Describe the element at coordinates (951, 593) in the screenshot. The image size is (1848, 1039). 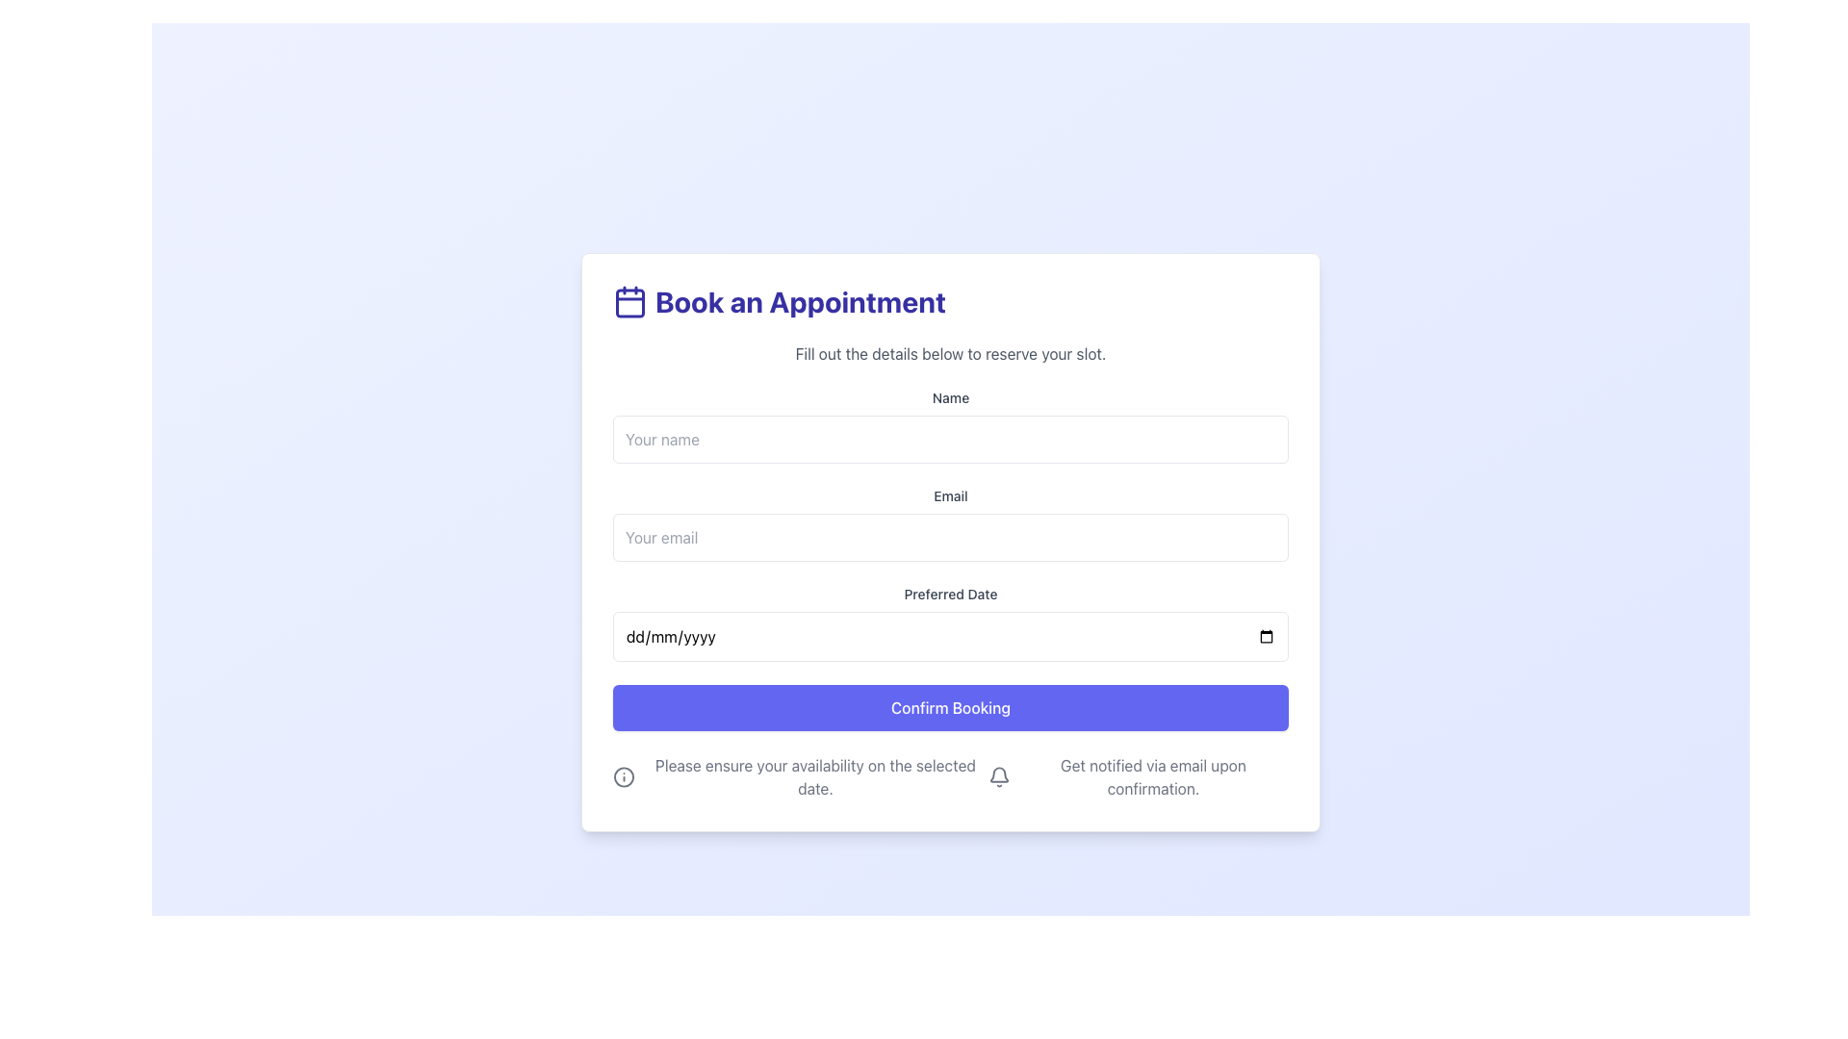
I see `the 'Preferred Date' text label, which is positioned directly above the date input field in the form layout` at that location.